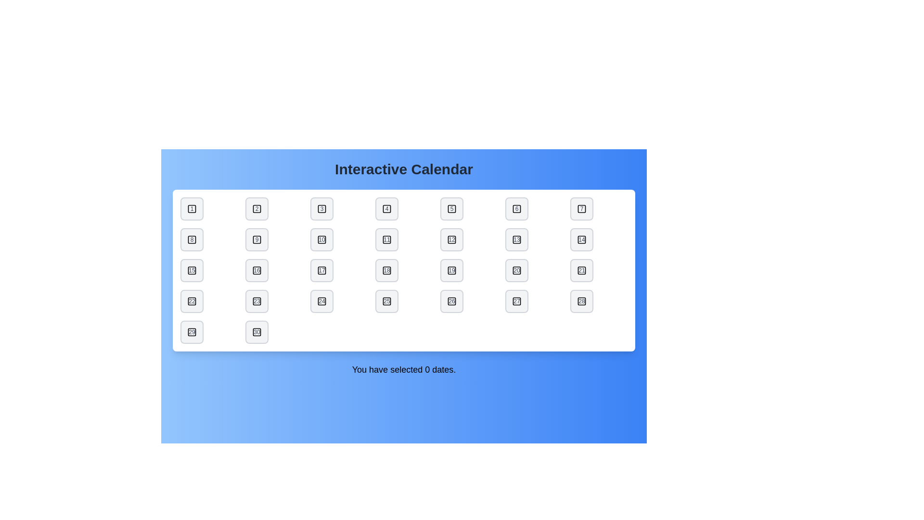 The image size is (924, 520). What do you see at coordinates (257, 300) in the screenshot?
I see `the date button labeled 23 to toggle its selection state` at bounding box center [257, 300].